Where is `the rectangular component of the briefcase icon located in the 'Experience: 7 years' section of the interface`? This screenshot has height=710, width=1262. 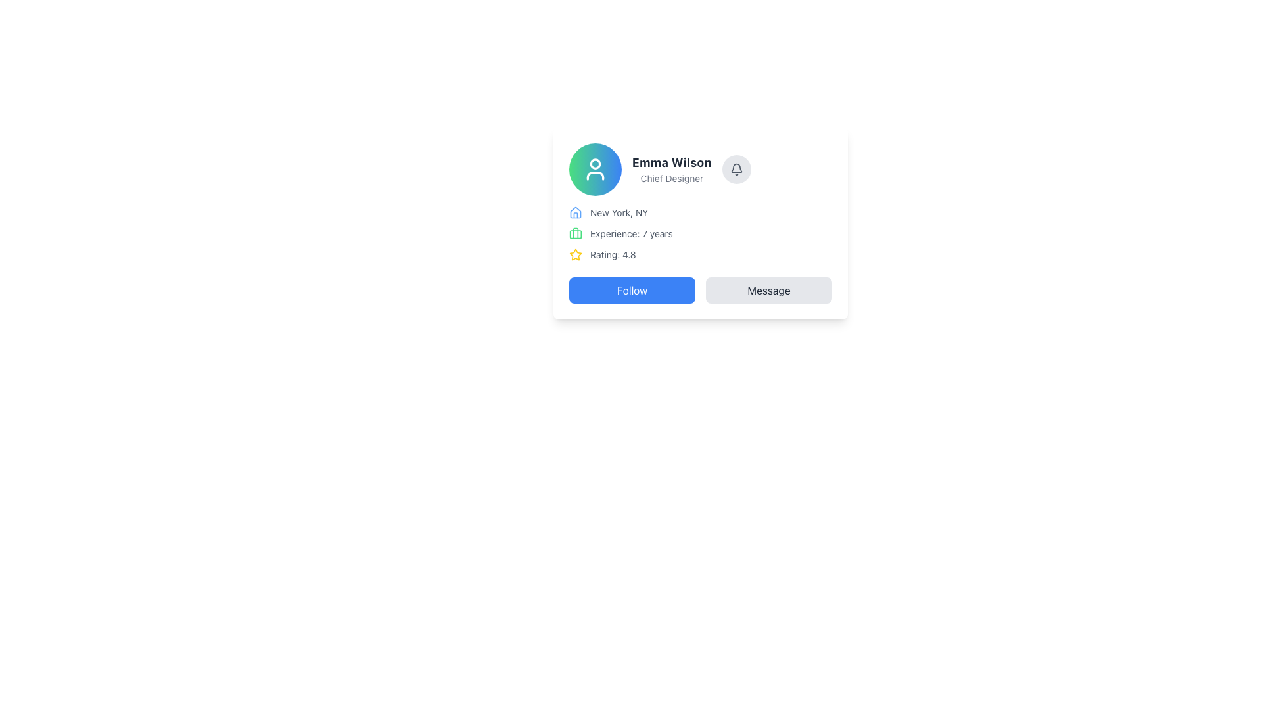 the rectangular component of the briefcase icon located in the 'Experience: 7 years' section of the interface is located at coordinates (575, 233).